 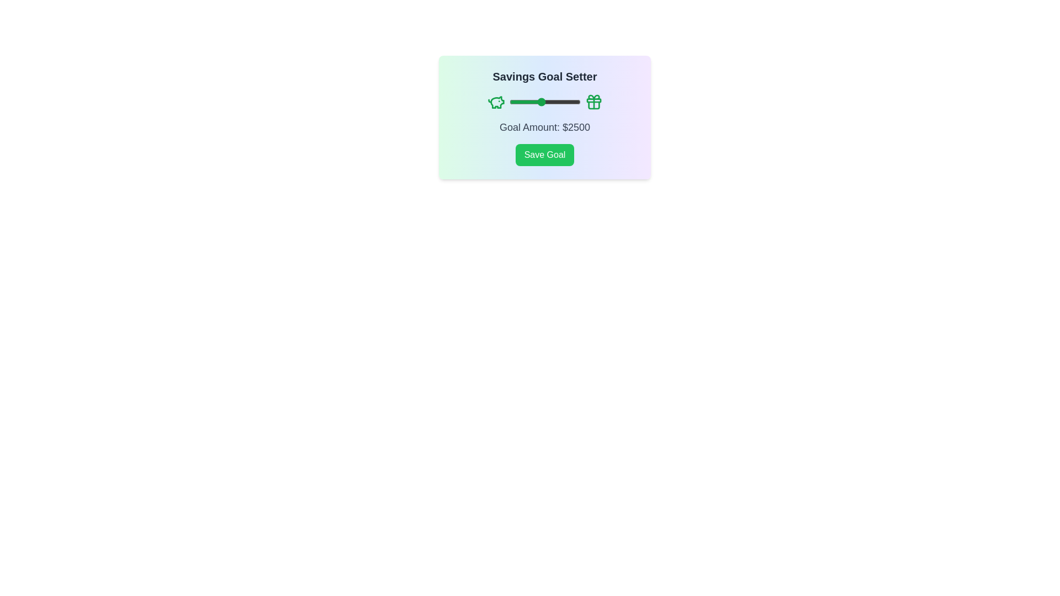 I want to click on the savings goal slider to 4908 by dragging it, so click(x=578, y=102).